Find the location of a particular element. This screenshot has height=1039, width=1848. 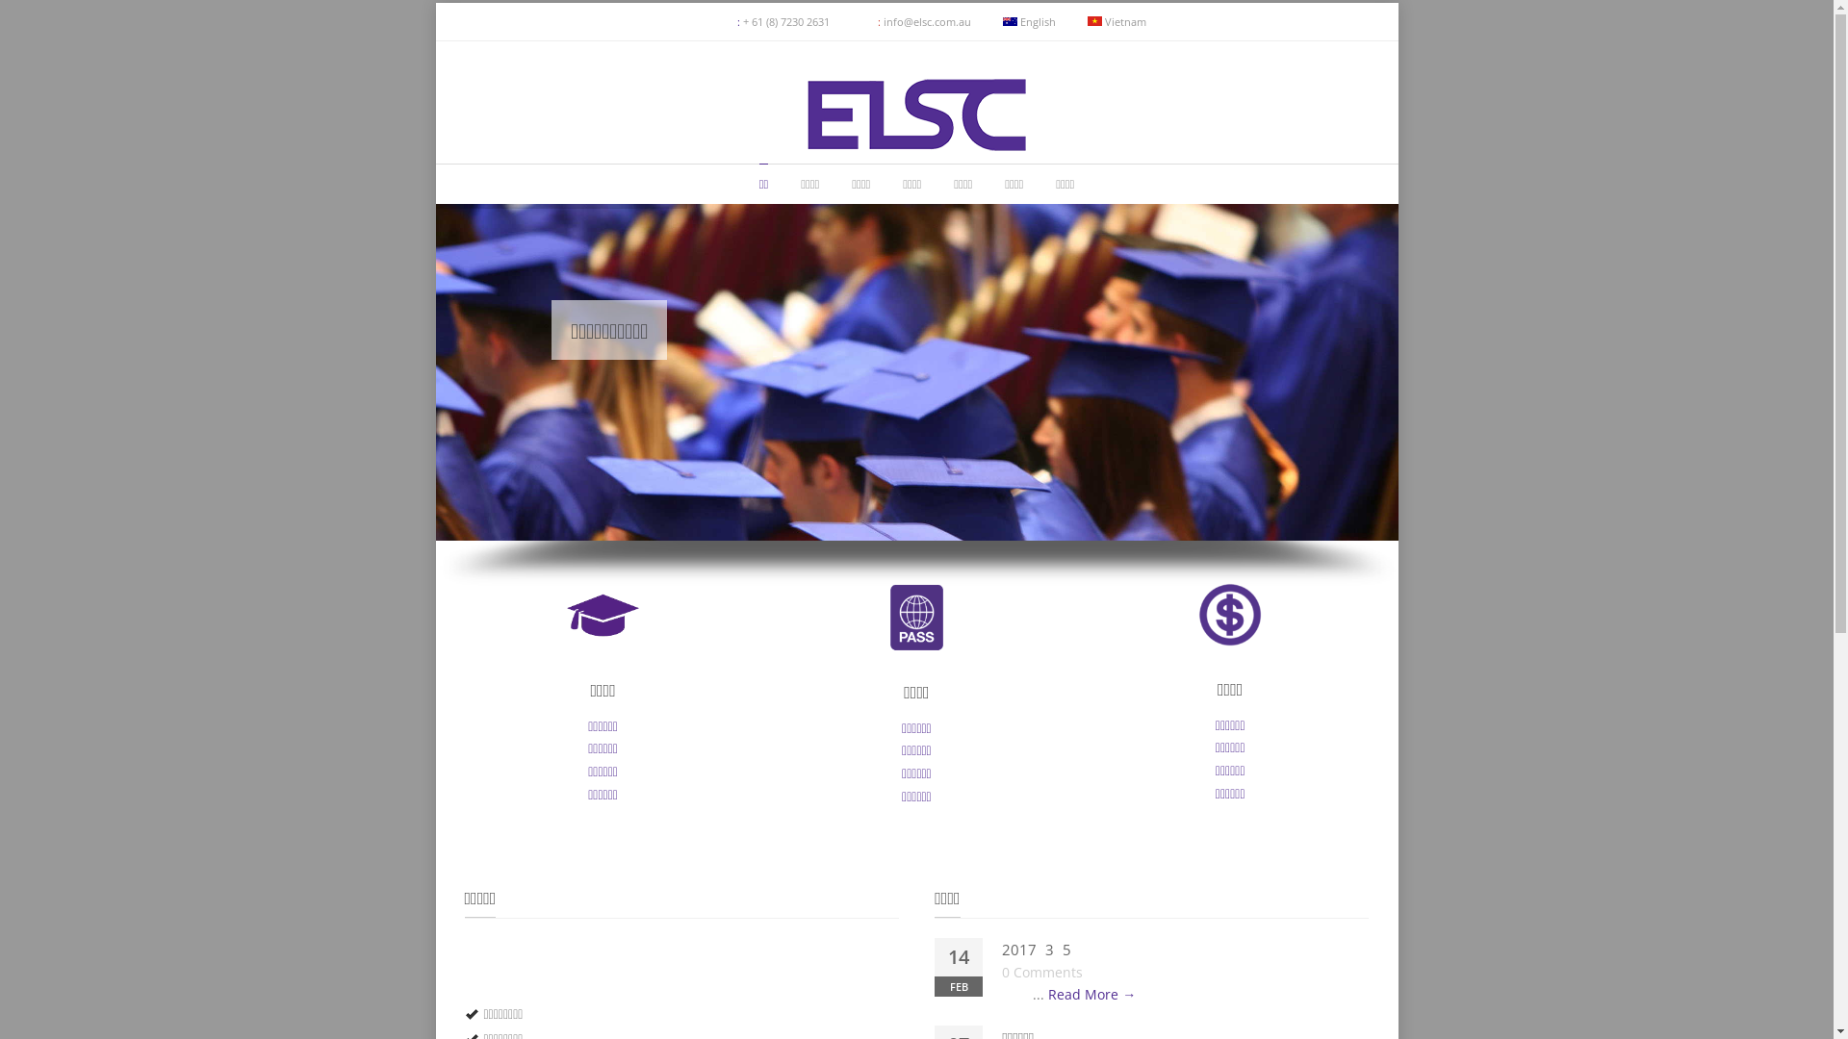

'info@elsc.com.au' is located at coordinates (927, 21).